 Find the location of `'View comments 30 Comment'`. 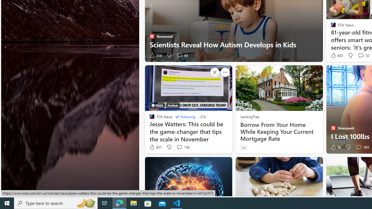

'View comments 30 Comment' is located at coordinates (363, 55).